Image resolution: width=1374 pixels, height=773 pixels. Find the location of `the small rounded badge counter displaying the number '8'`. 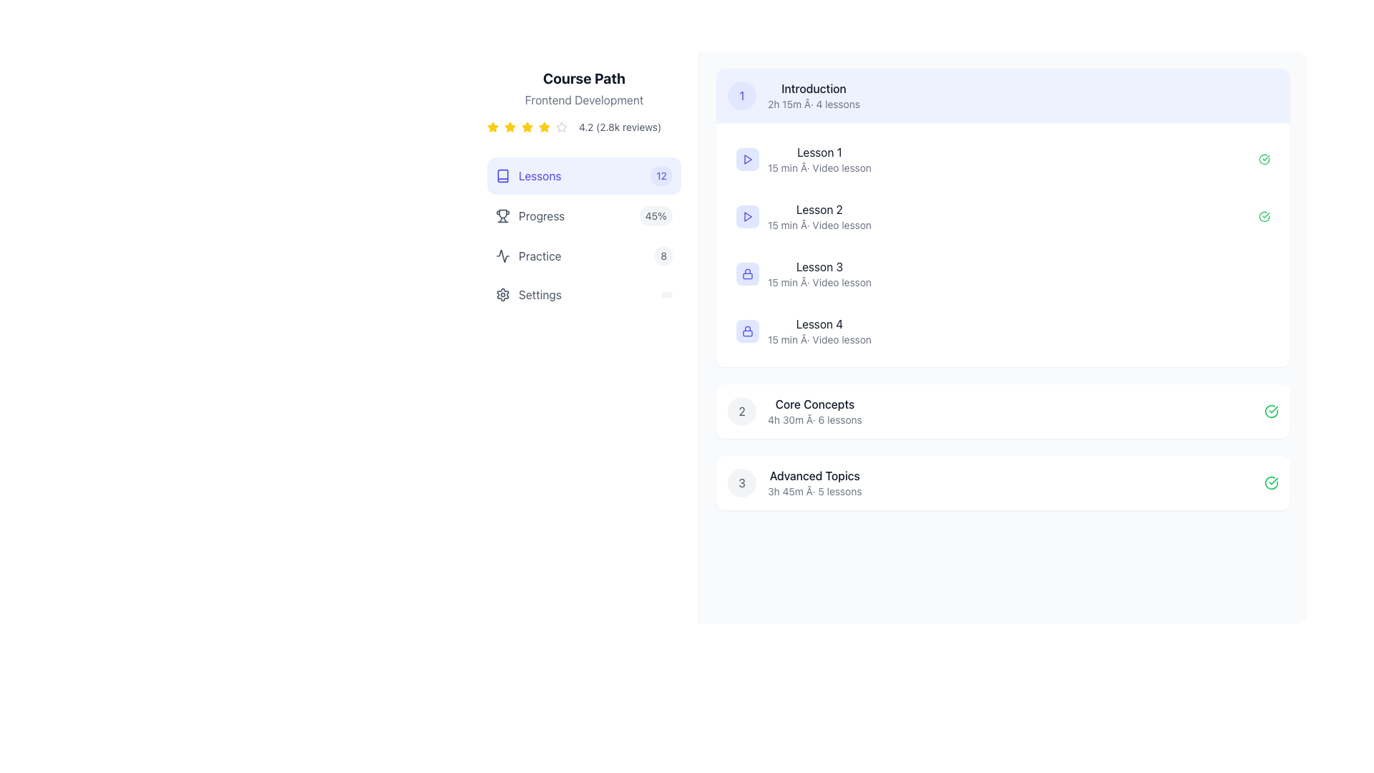

the small rounded badge counter displaying the number '8' is located at coordinates (663, 256).